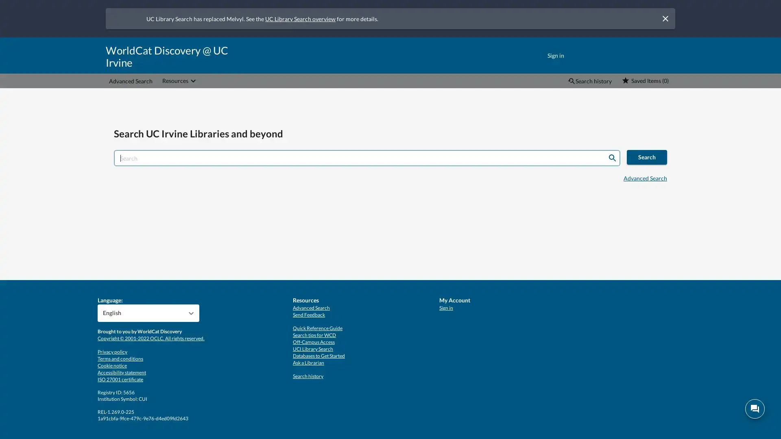 This screenshot has height=439, width=781. I want to click on Dismiss, so click(665, 18).